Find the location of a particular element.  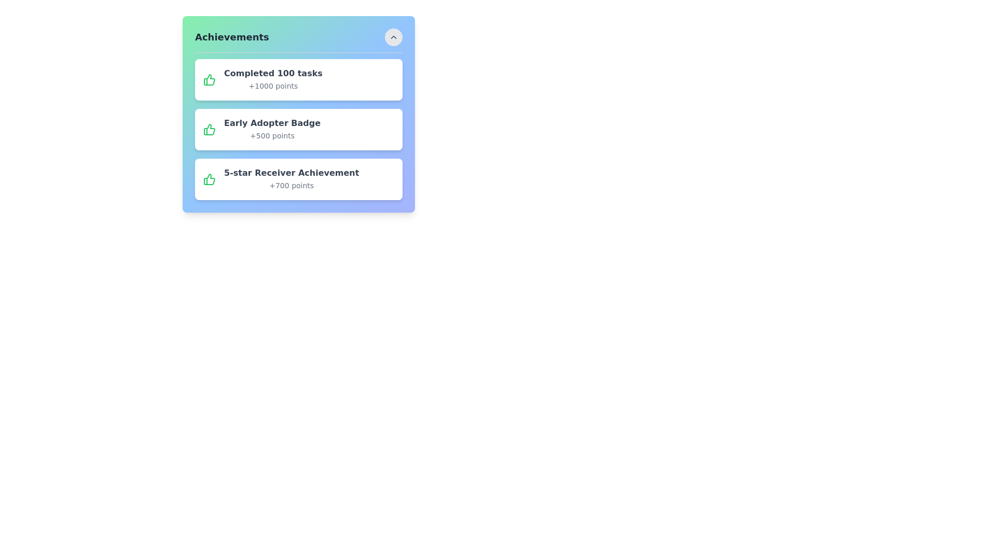

the accomplishment icon on the left side of the first card in the achievements list, which indicates the positive outcome of 'Completed 100 tasks' and '+1000 points' is located at coordinates (209, 79).